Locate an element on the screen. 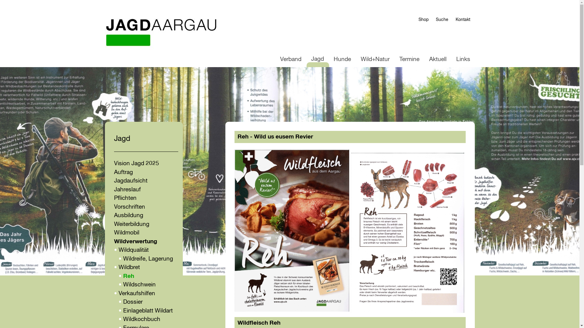 The width and height of the screenshot is (584, 328). 'Jagdaufsicht' is located at coordinates (130, 180).